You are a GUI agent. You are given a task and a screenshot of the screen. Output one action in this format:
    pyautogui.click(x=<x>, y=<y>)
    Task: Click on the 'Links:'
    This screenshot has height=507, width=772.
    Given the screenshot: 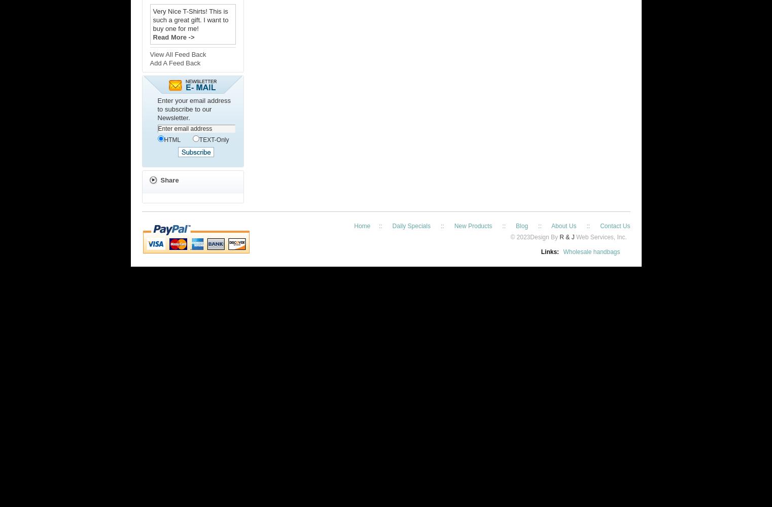 What is the action you would take?
    pyautogui.click(x=549, y=251)
    